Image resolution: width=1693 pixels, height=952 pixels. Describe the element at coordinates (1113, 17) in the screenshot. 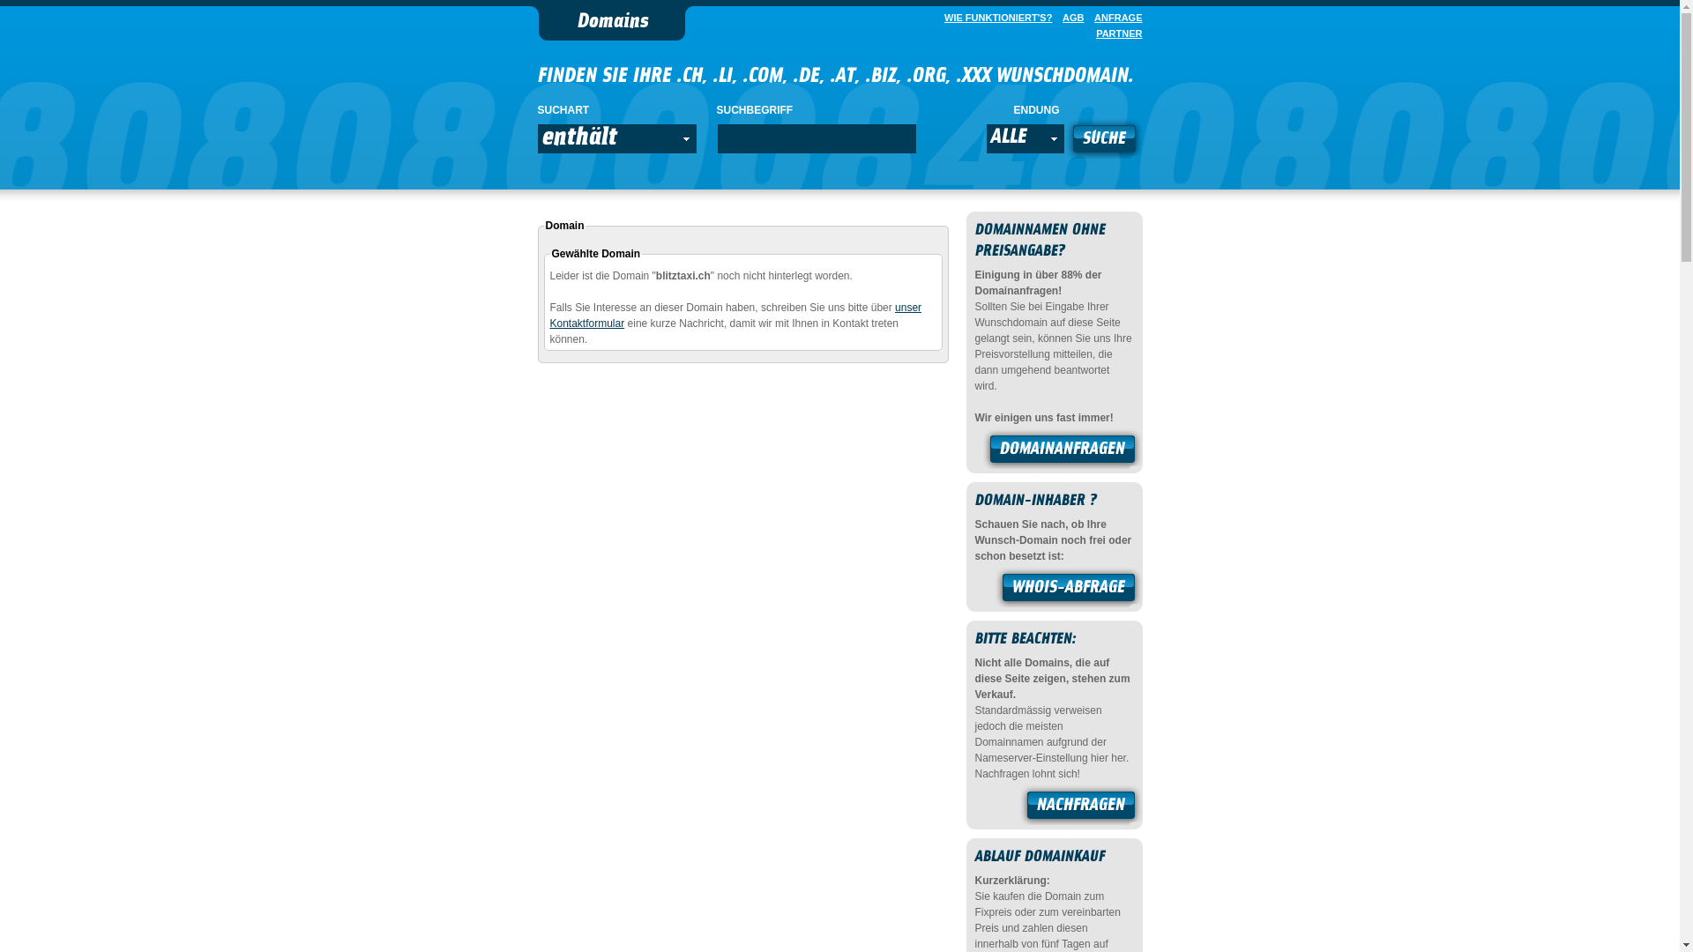

I see `'ANFRAGE'` at that location.